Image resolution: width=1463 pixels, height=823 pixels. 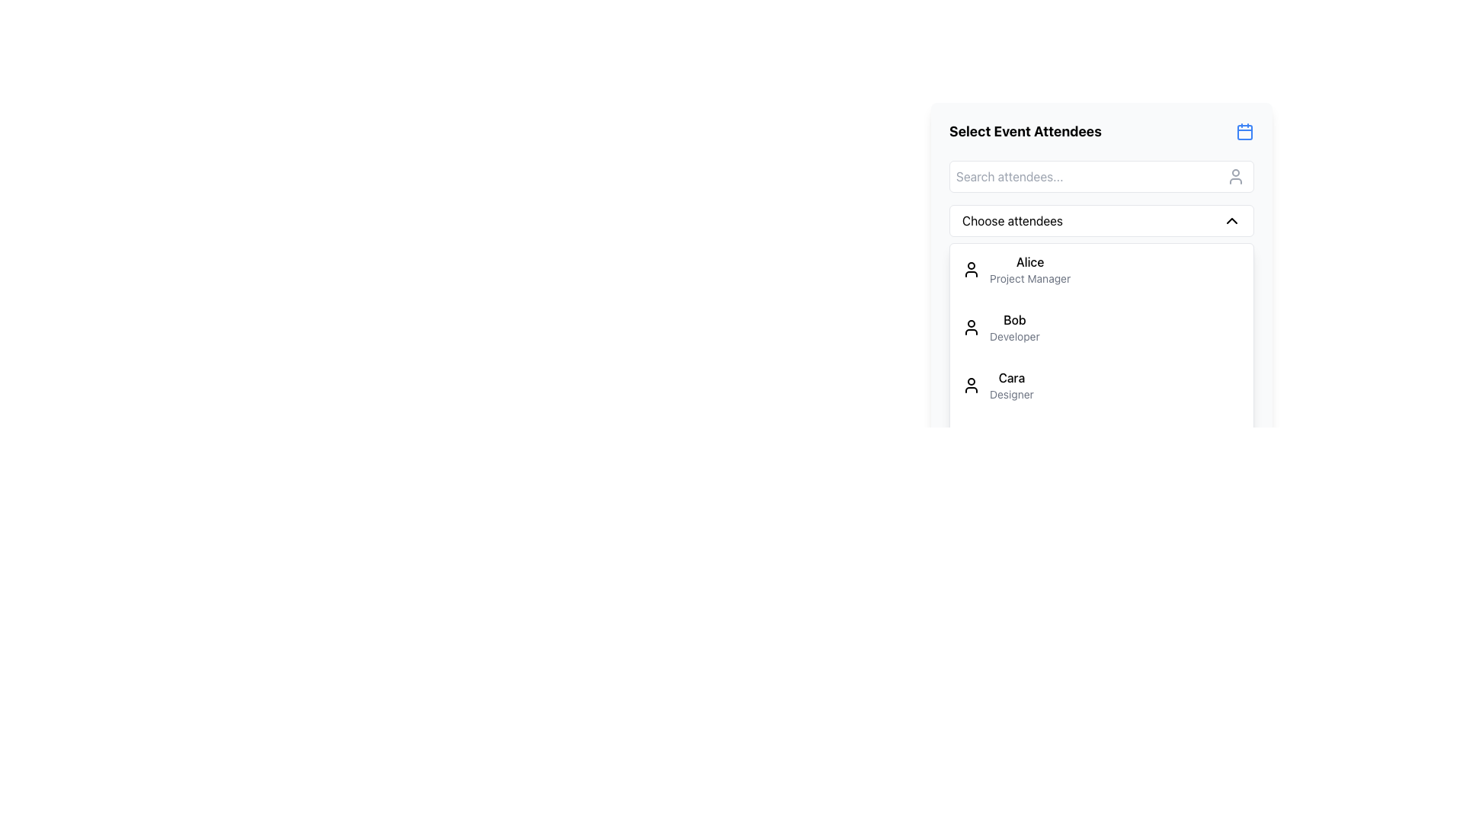 I want to click on the blue calendar icon located in the top-right corner of the 'Select Event Attendees' section, so click(x=1244, y=131).